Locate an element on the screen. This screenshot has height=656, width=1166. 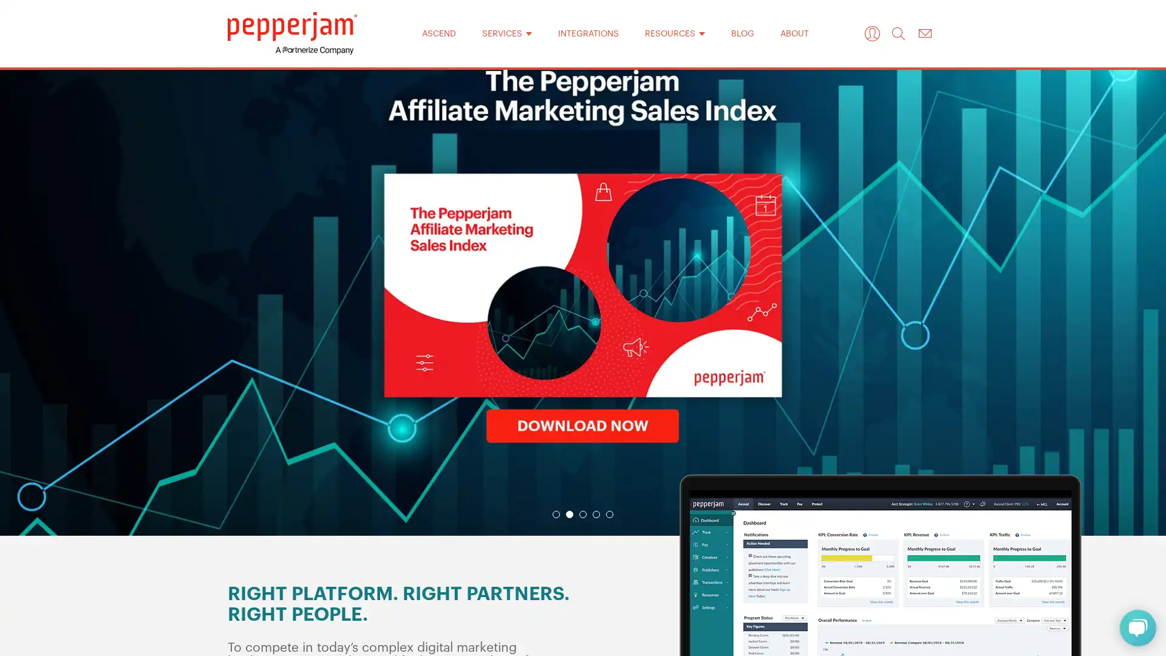
Close is located at coordinates (740, 133).